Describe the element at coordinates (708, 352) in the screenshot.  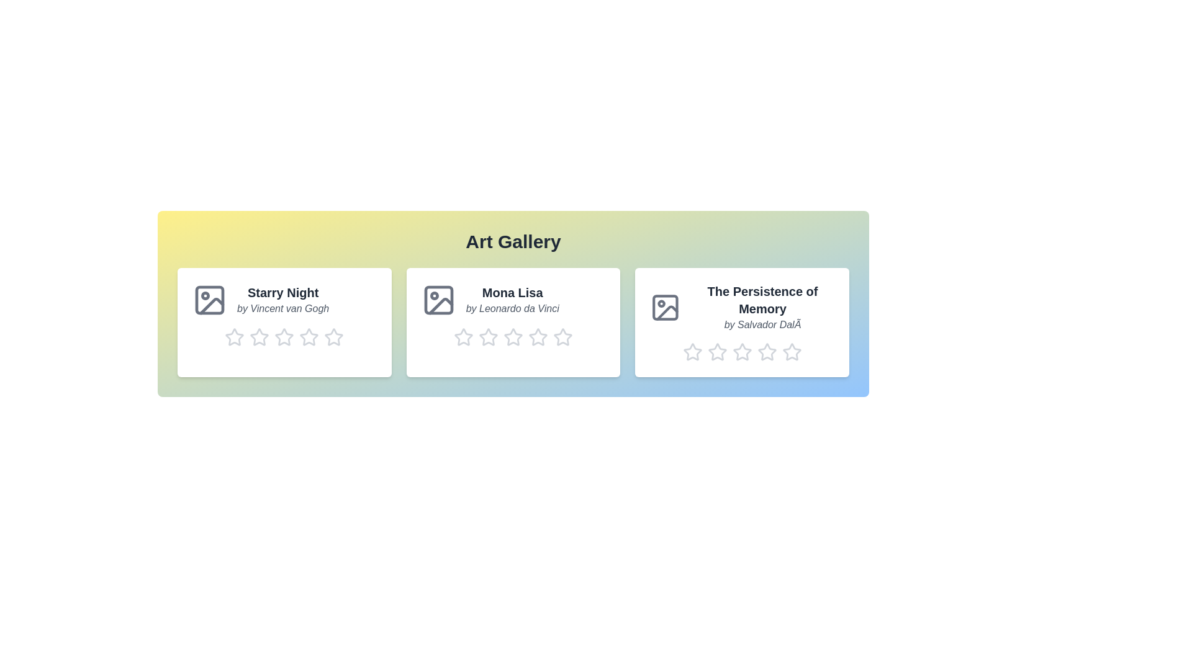
I see `the rating of artwork 3 to 2 stars` at that location.